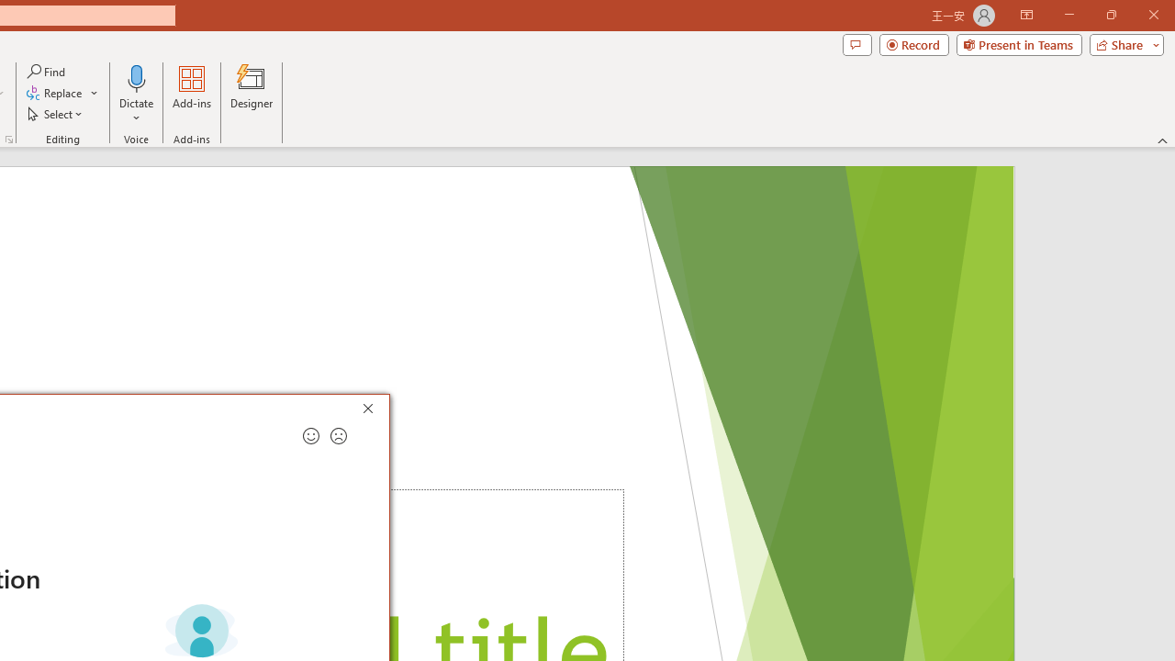 The height and width of the screenshot is (661, 1175). What do you see at coordinates (311, 436) in the screenshot?
I see `'Send a smile for feedback'` at bounding box center [311, 436].